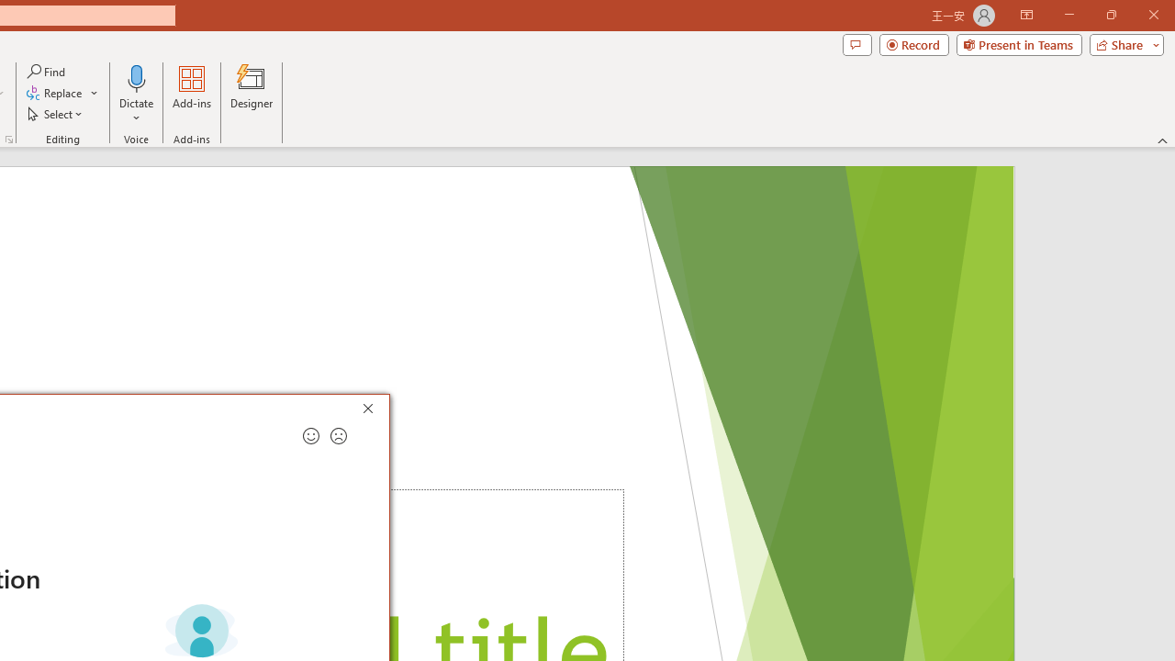 The height and width of the screenshot is (661, 1175). What do you see at coordinates (311, 436) in the screenshot?
I see `'Send a smile for feedback'` at bounding box center [311, 436].